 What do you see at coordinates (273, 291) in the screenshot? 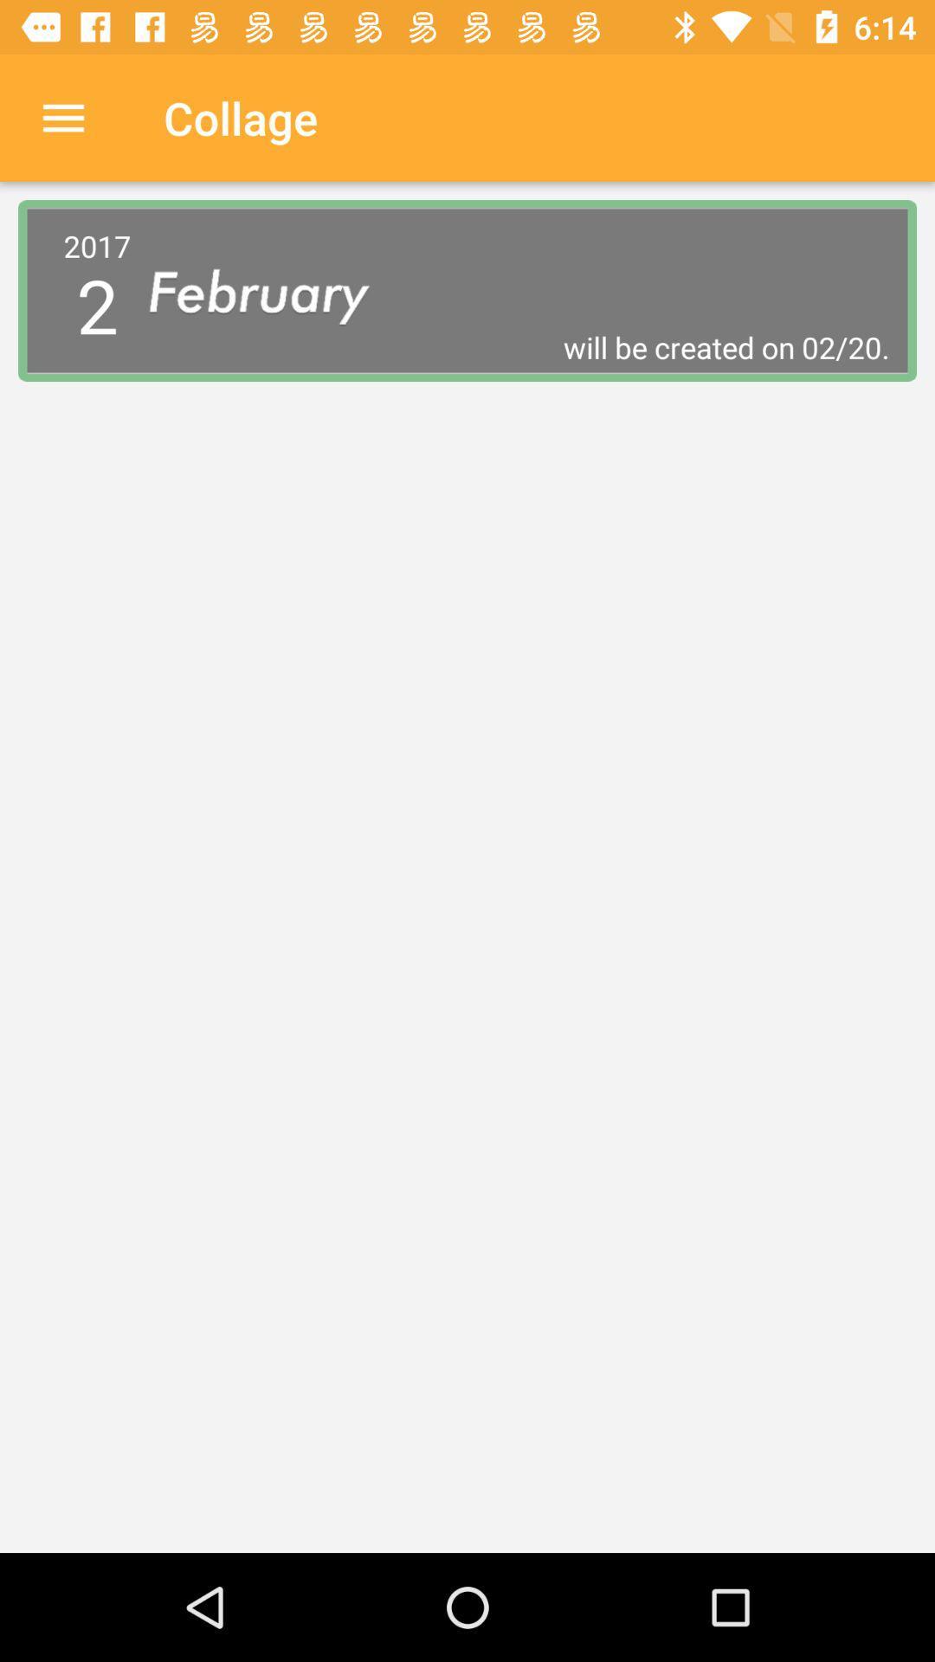
I see `icon next to the 2017` at bounding box center [273, 291].